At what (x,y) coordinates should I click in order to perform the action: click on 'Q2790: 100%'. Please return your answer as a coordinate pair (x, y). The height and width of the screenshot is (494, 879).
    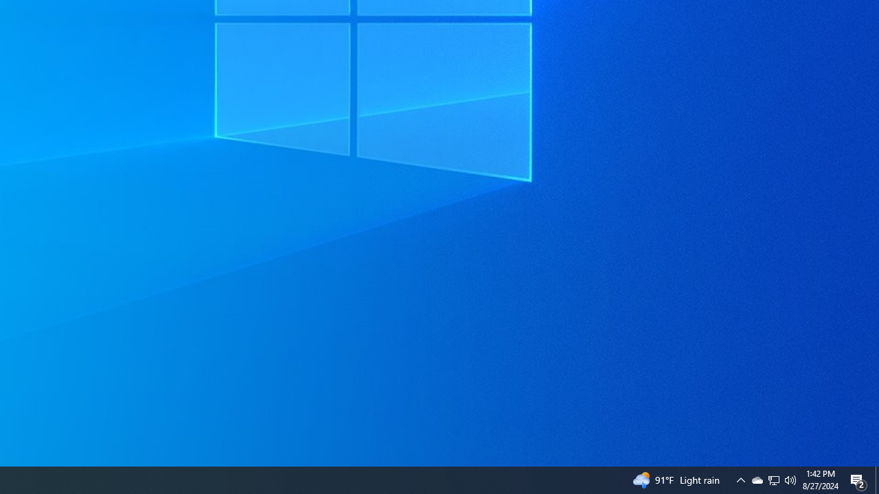
    Looking at the image, I should click on (774, 479).